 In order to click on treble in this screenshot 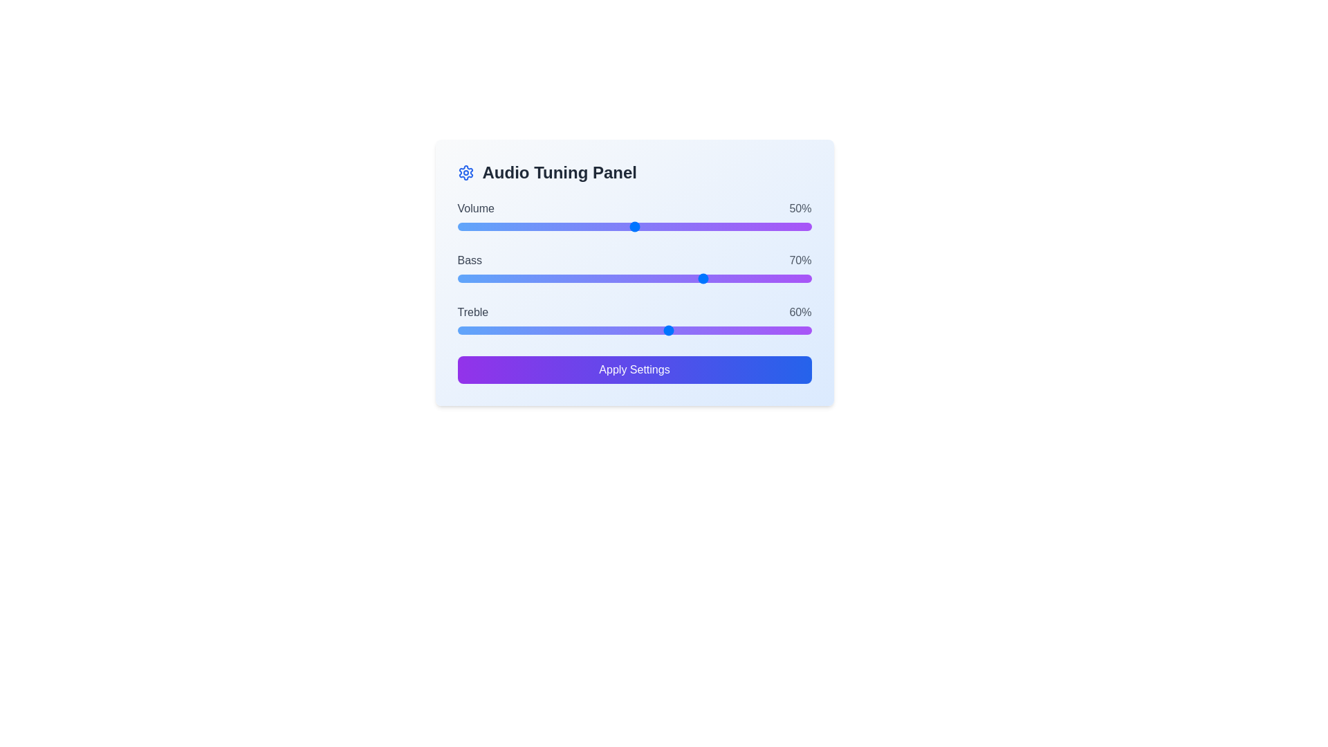, I will do `click(790, 331)`.